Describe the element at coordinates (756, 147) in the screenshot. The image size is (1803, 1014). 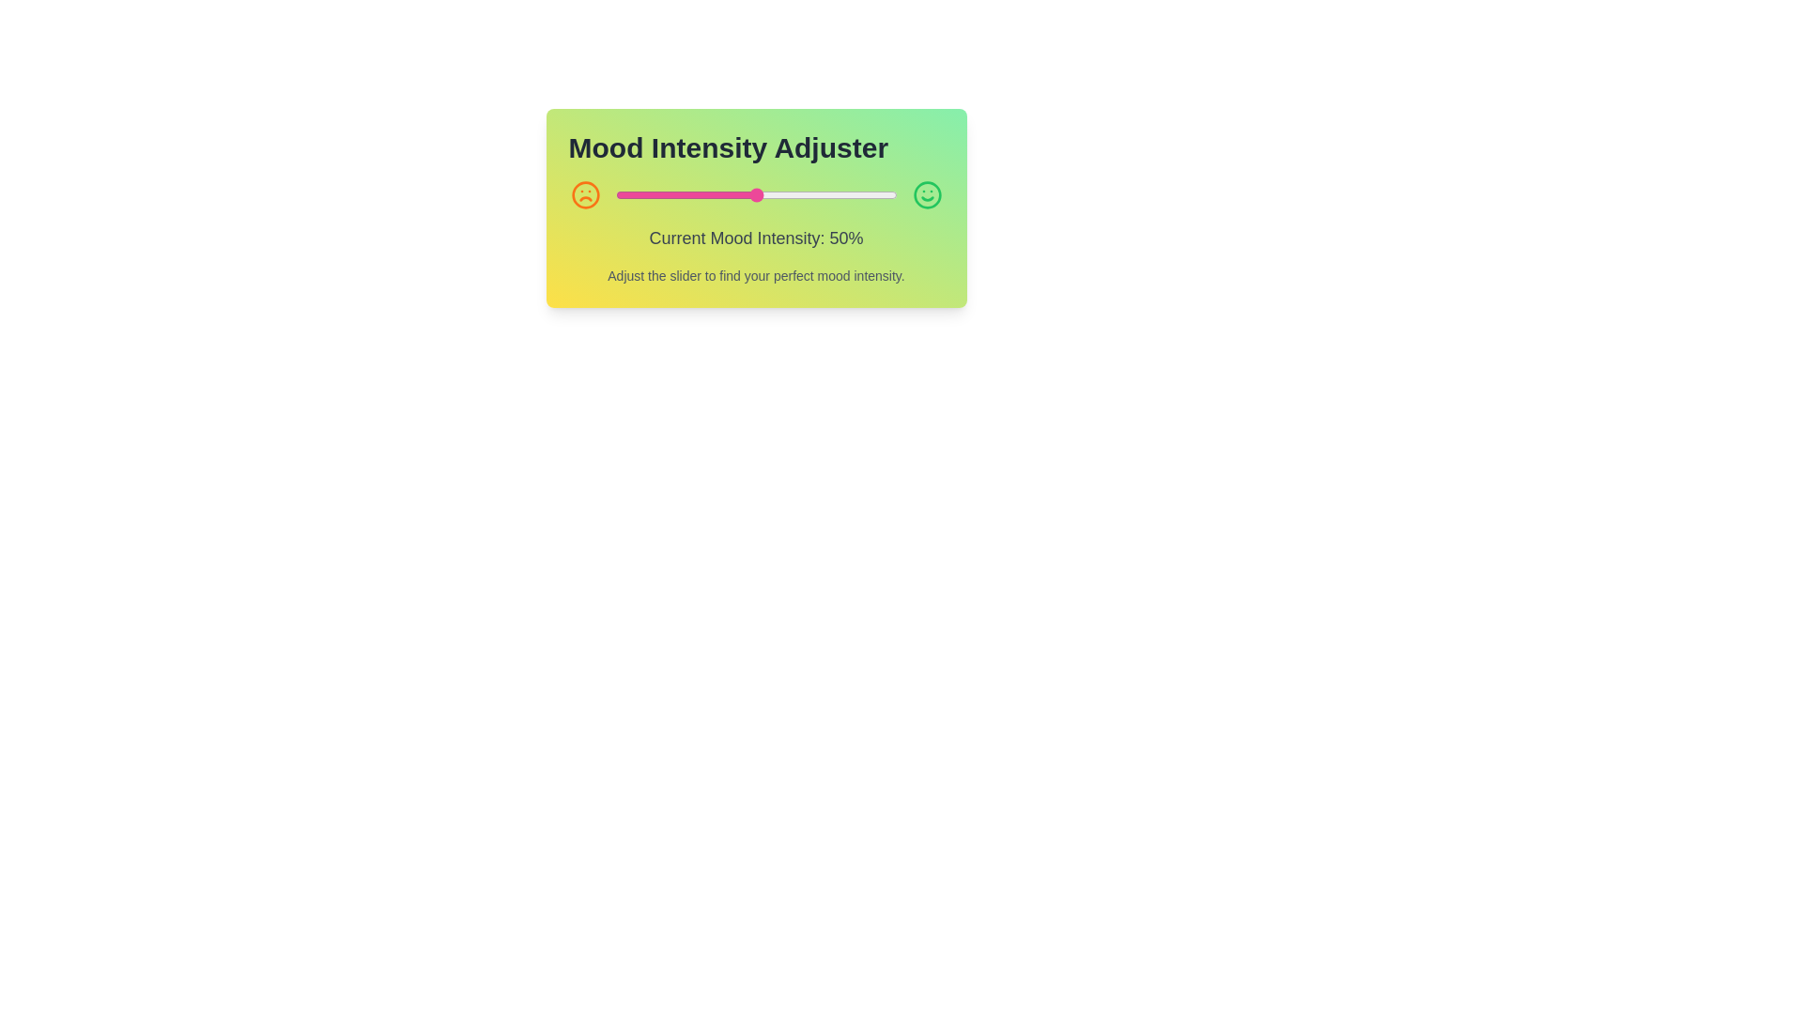
I see `the text of the header 'Mood Intensity Adjuster' for copying` at that location.